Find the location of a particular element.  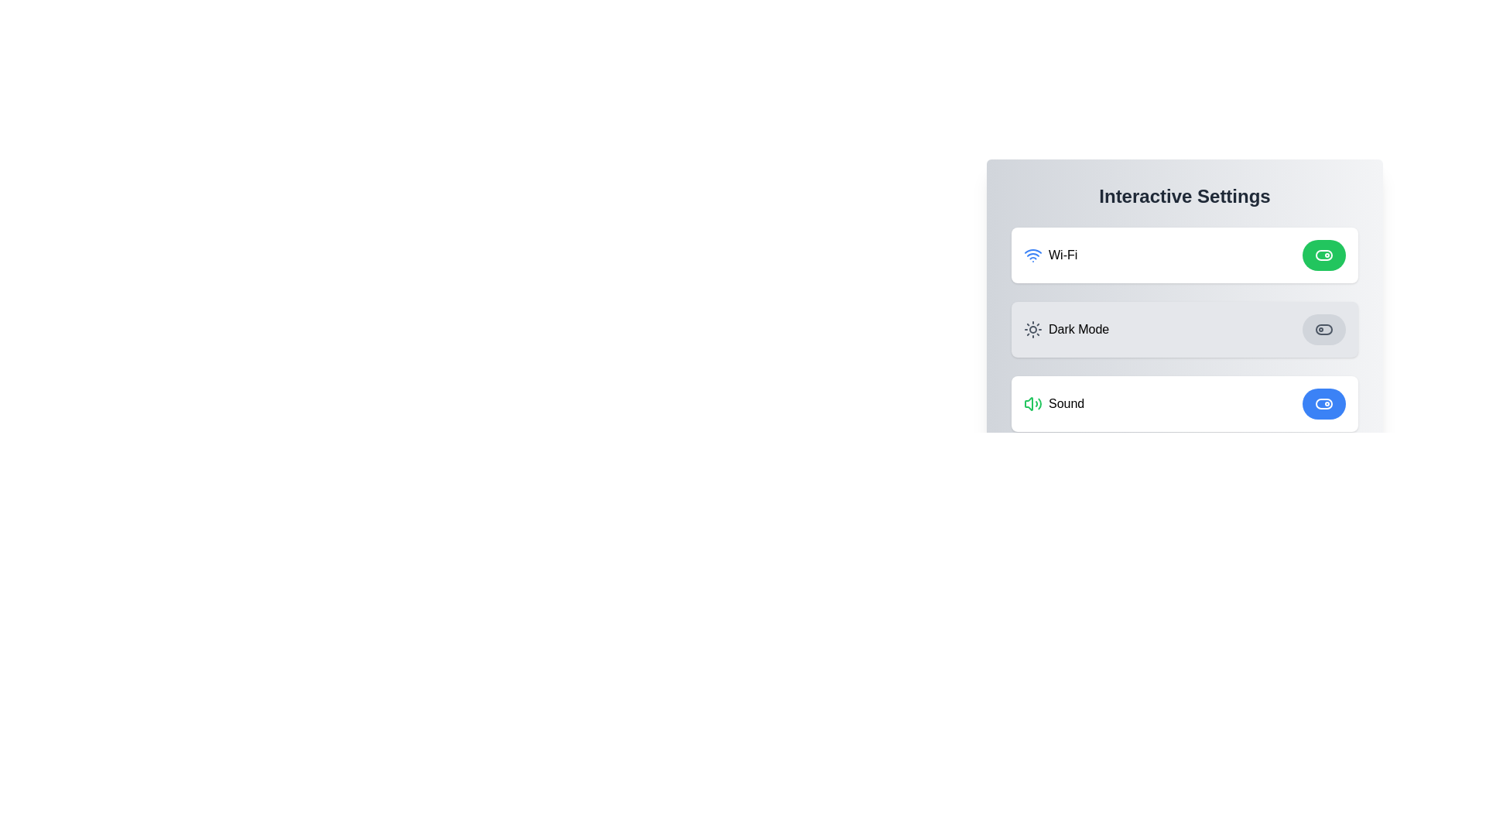

the Background/Track element of the toggle switch for the 'Dark Mode' setting located in the second row of the setting options is located at coordinates (1323, 328).